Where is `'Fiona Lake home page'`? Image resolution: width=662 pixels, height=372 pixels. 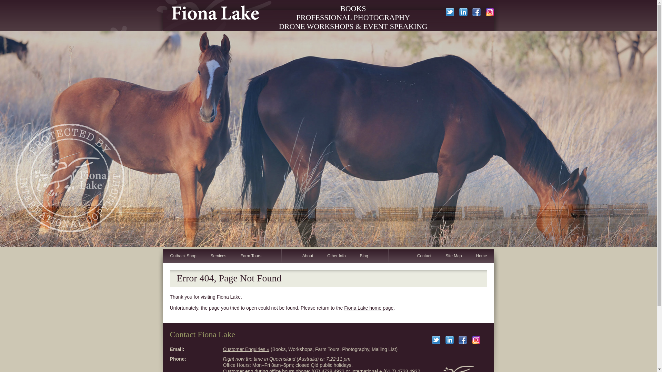
'Fiona Lake home page' is located at coordinates (368, 308).